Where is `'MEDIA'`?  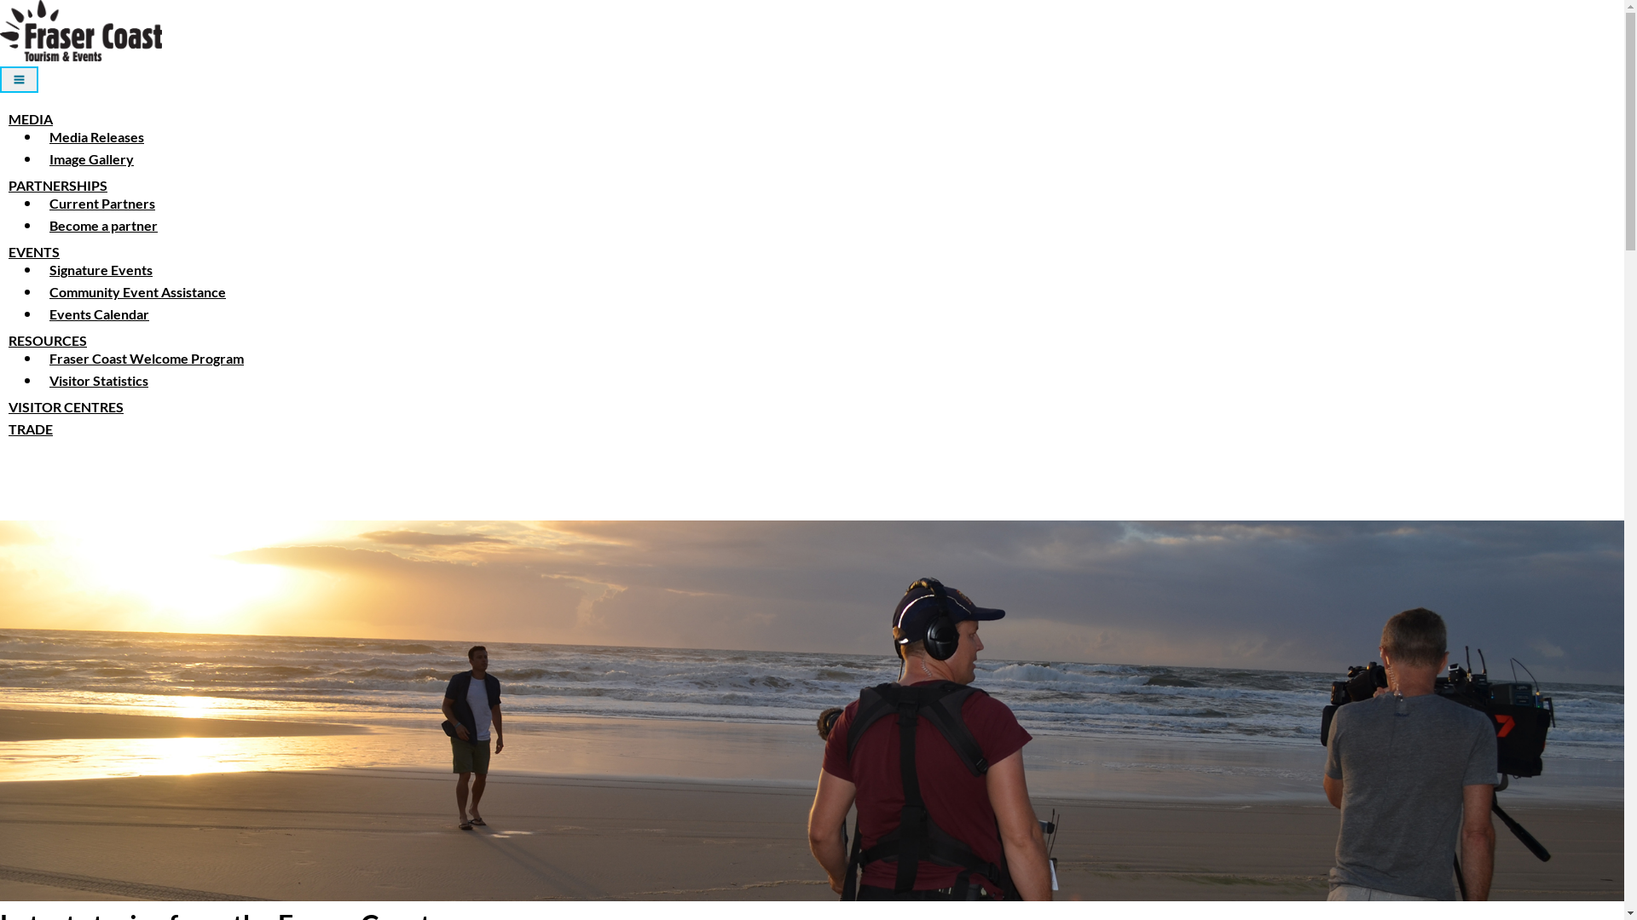
'MEDIA' is located at coordinates (0, 118).